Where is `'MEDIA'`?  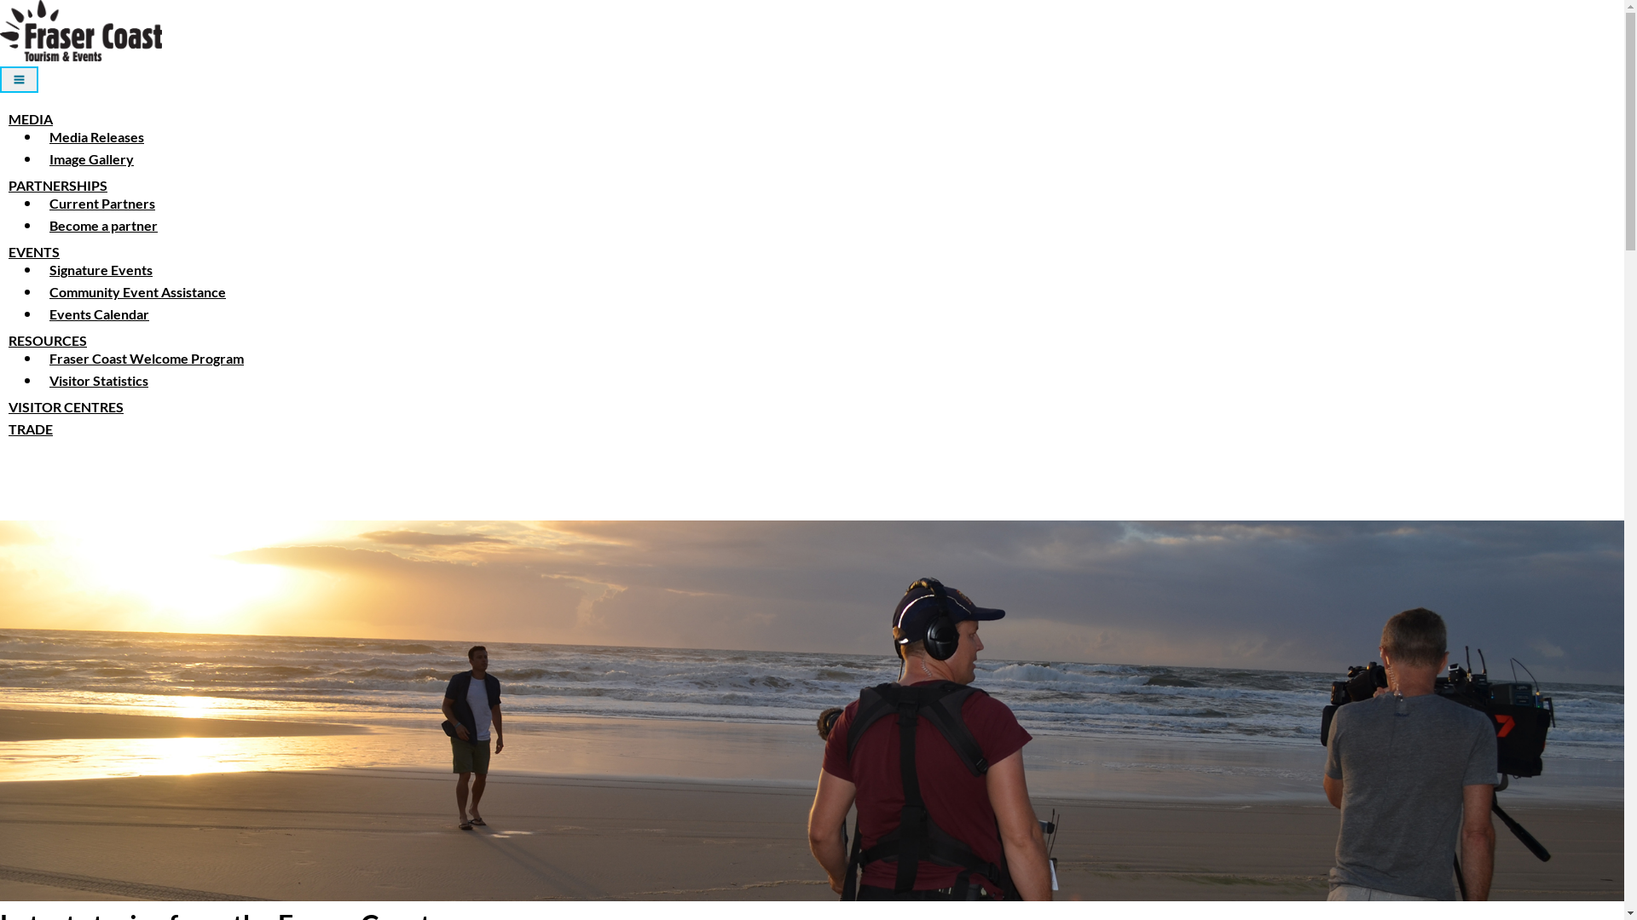
'MEDIA' is located at coordinates (0, 118).